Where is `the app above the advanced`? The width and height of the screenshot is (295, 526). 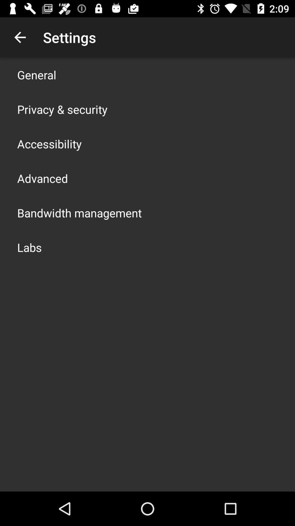 the app above the advanced is located at coordinates (49, 144).